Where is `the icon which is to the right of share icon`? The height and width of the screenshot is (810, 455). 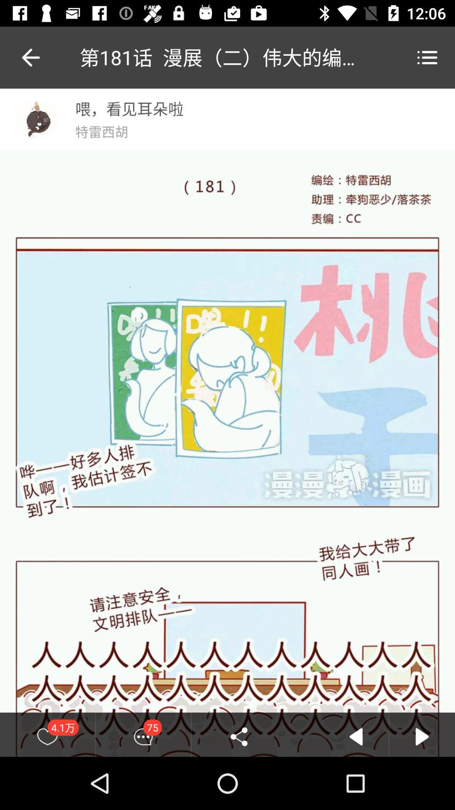
the icon which is to the right of share icon is located at coordinates (356, 736).